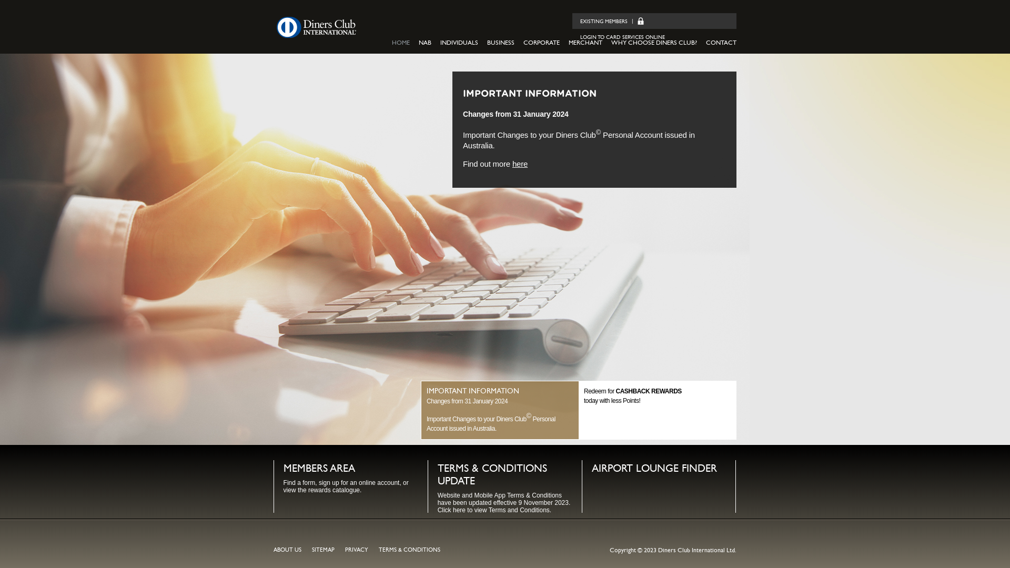 The image size is (1010, 568). What do you see at coordinates (541, 42) in the screenshot?
I see `'CORPORATE'` at bounding box center [541, 42].